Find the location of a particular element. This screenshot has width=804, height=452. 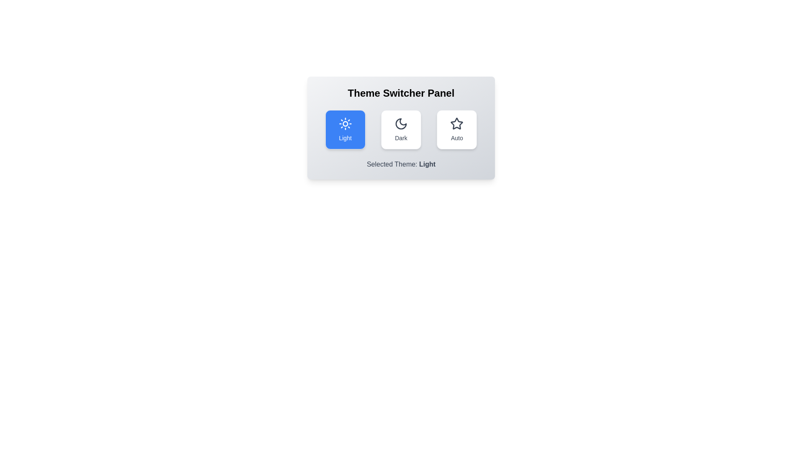

the 'Dark' button, which is a rectangular button with a white background, rounded edges, and a gray border, located in the 'Theme Switcher Panel' is located at coordinates (400, 129).